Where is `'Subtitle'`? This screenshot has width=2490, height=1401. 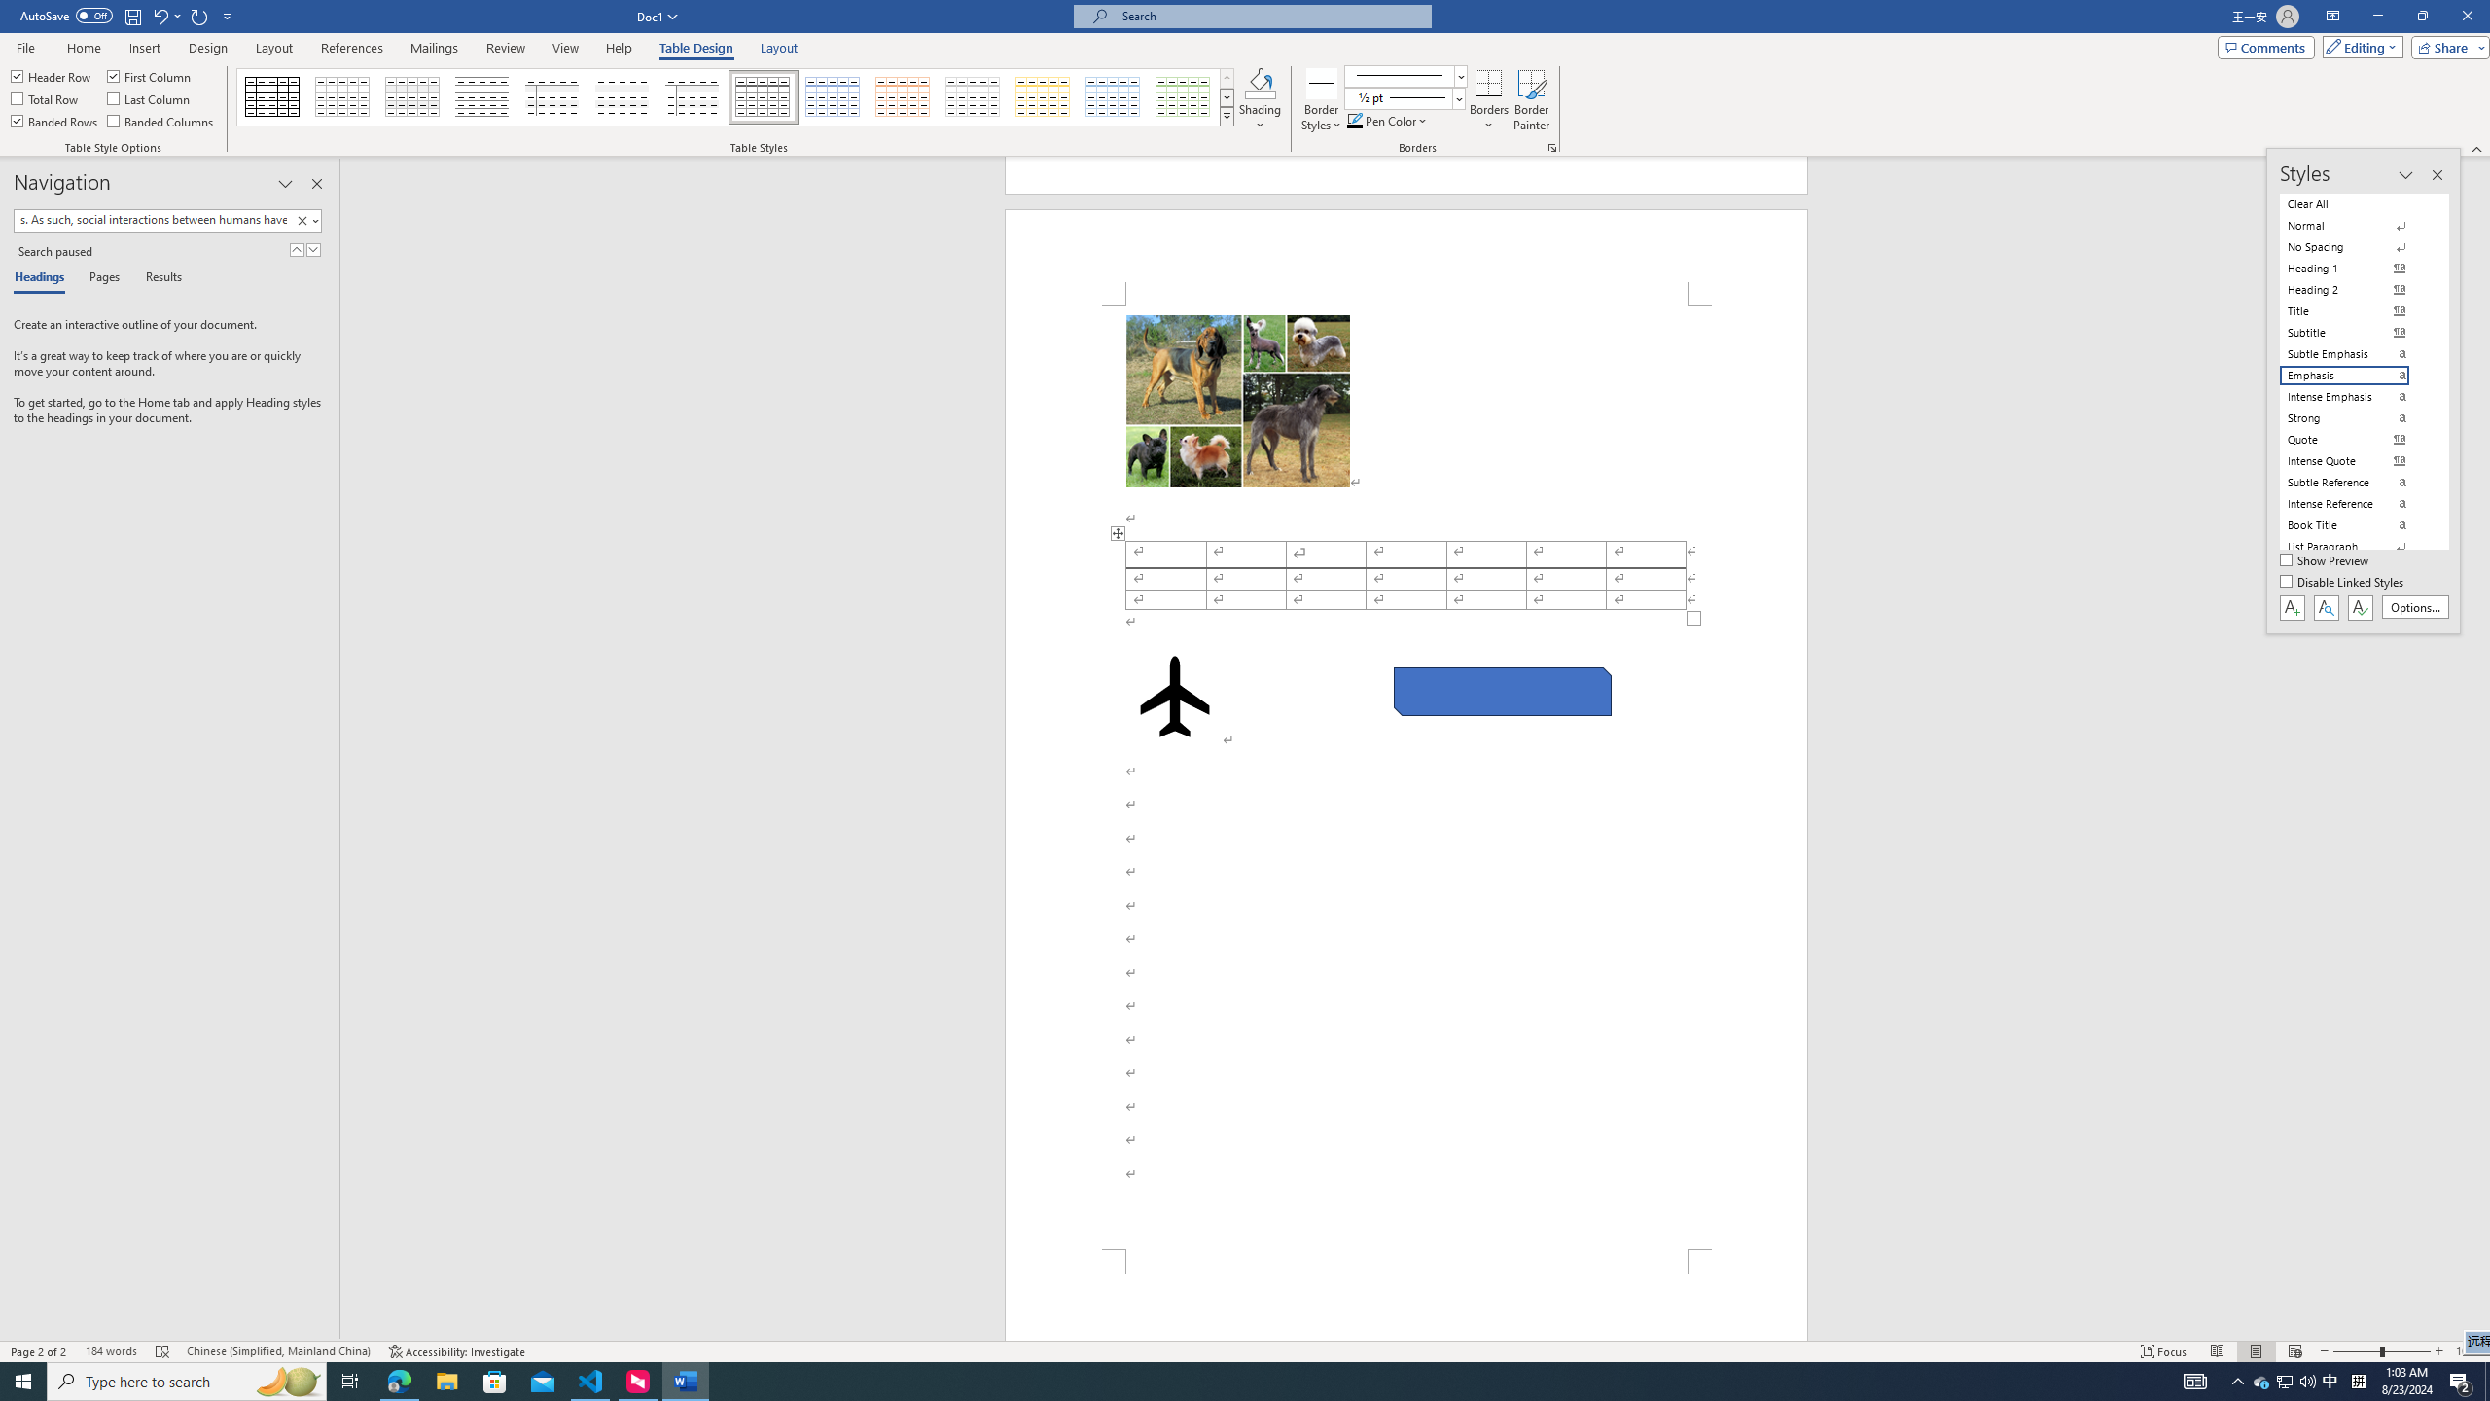
'Subtitle' is located at coordinates (2356, 332).